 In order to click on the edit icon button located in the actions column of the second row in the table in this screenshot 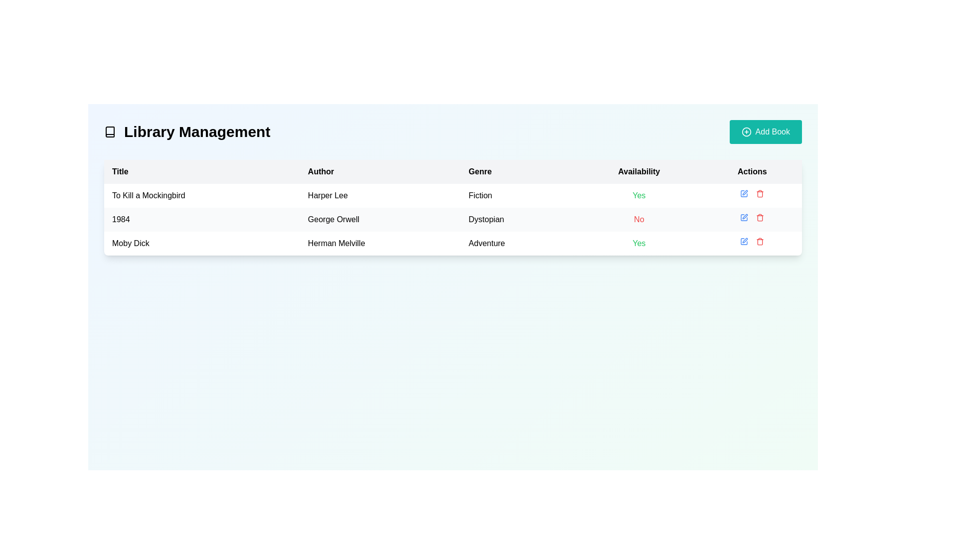, I will do `click(744, 194)`.